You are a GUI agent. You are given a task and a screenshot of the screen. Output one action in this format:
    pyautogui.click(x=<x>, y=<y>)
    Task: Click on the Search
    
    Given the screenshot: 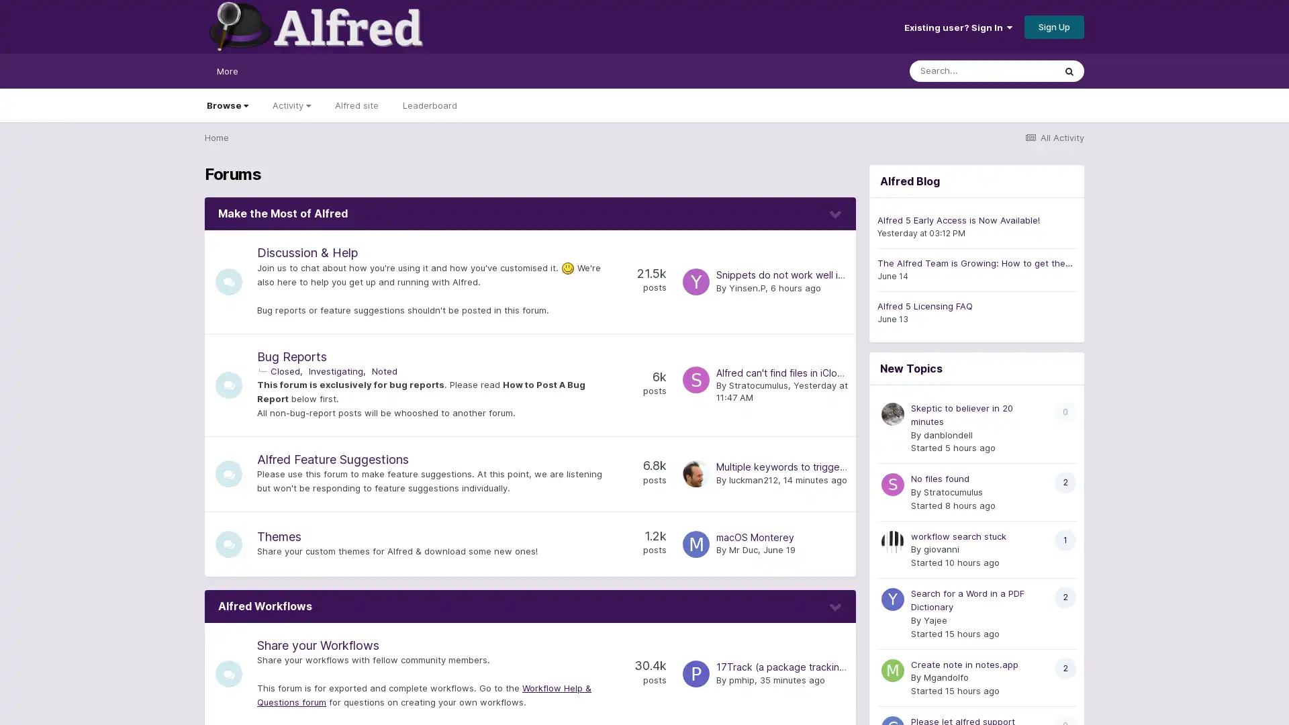 What is the action you would take?
    pyautogui.click(x=1069, y=70)
    